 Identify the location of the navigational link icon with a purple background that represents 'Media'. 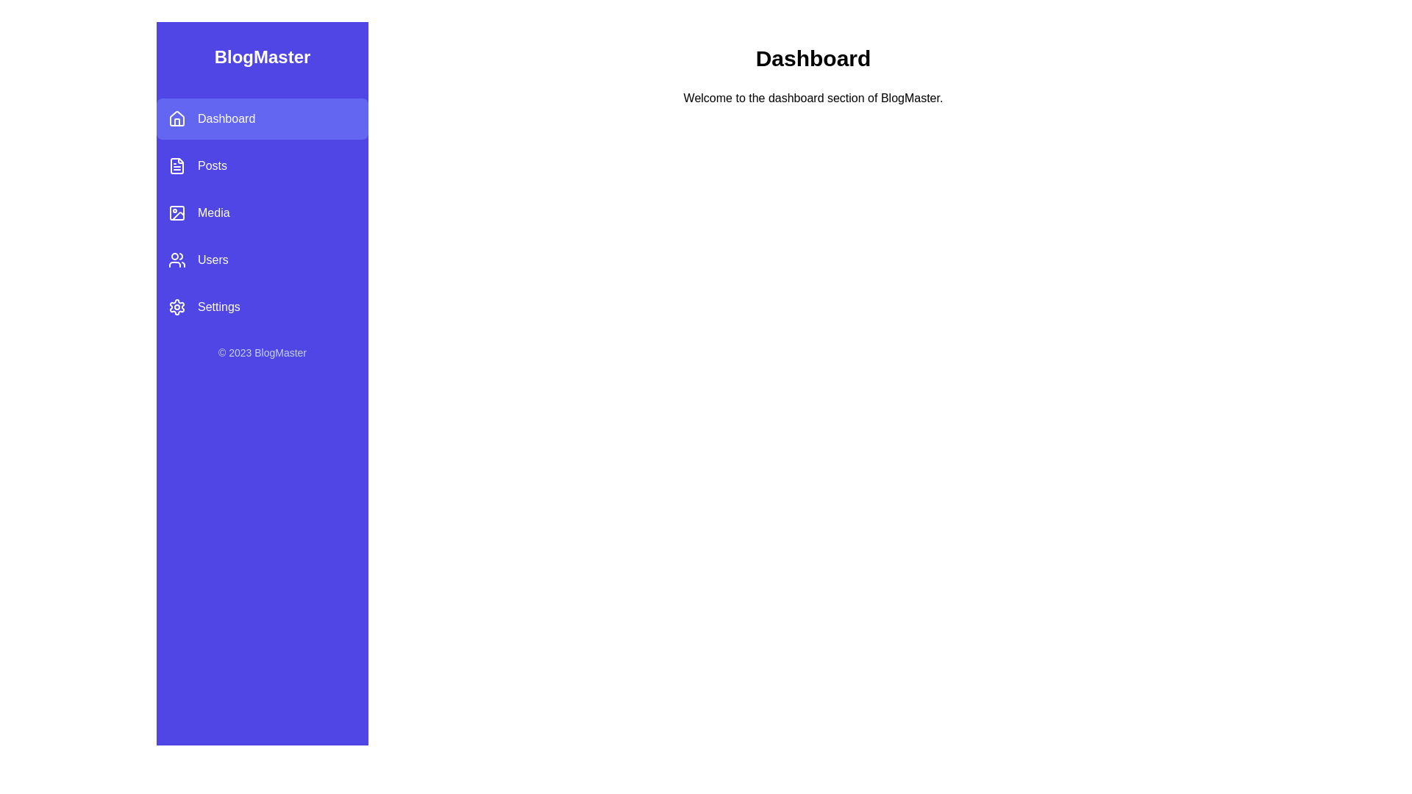
(176, 212).